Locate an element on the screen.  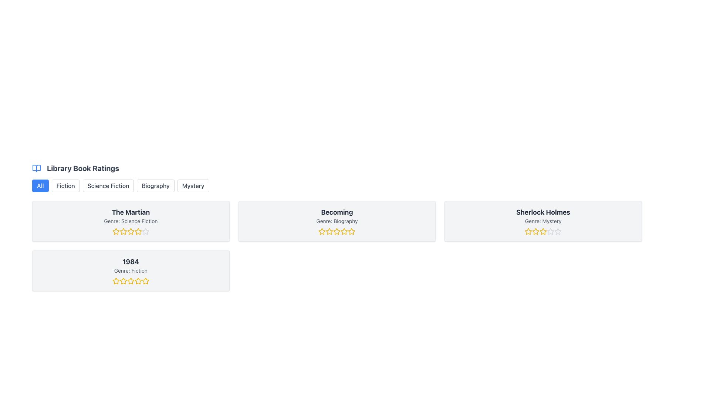
the 'Science Fiction' tab in the horizontal navigation bar is located at coordinates (108, 185).